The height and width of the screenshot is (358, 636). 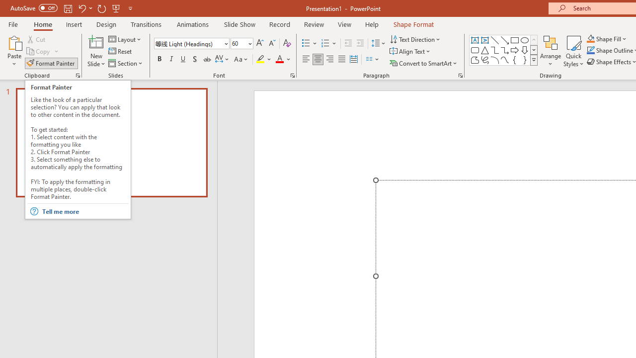 What do you see at coordinates (591, 50) in the screenshot?
I see `'Shape Outline Blue, Accent 1'` at bounding box center [591, 50].